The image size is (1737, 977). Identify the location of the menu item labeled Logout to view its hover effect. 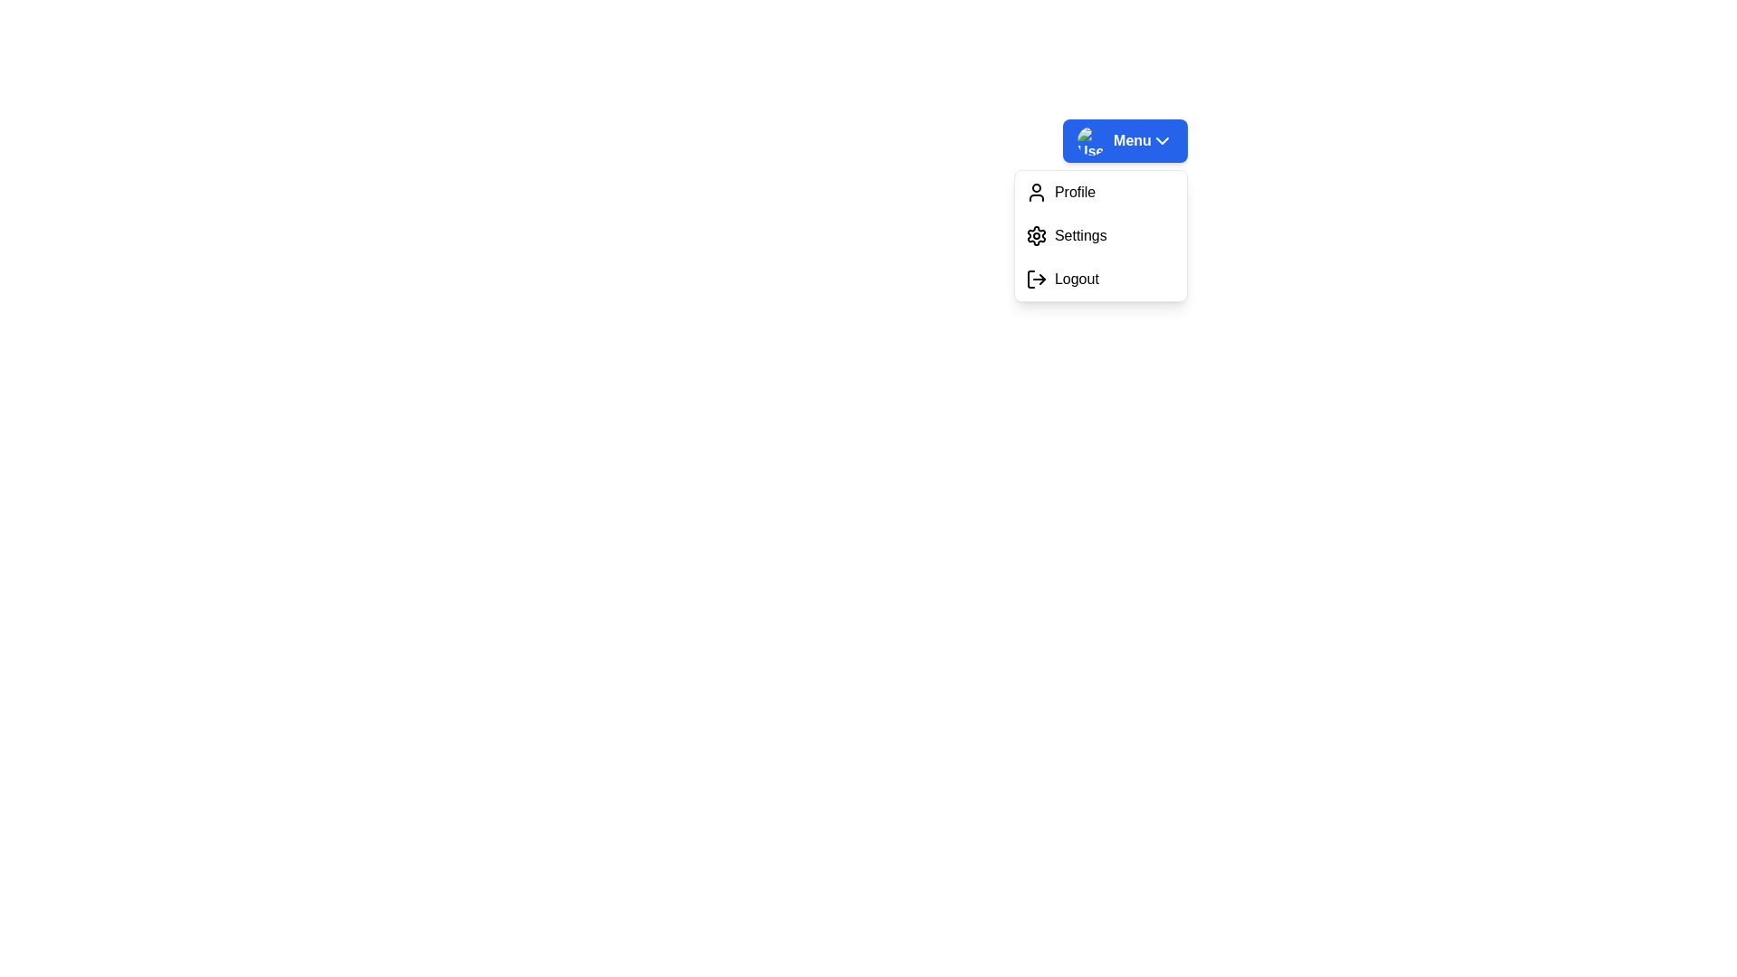
(1099, 279).